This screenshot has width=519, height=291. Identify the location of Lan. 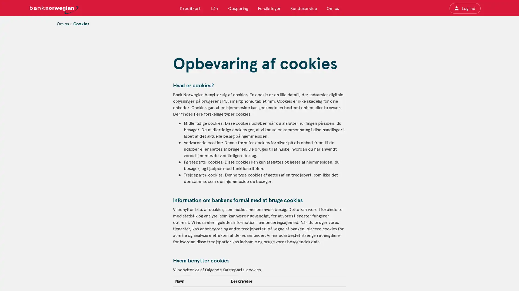
(214, 8).